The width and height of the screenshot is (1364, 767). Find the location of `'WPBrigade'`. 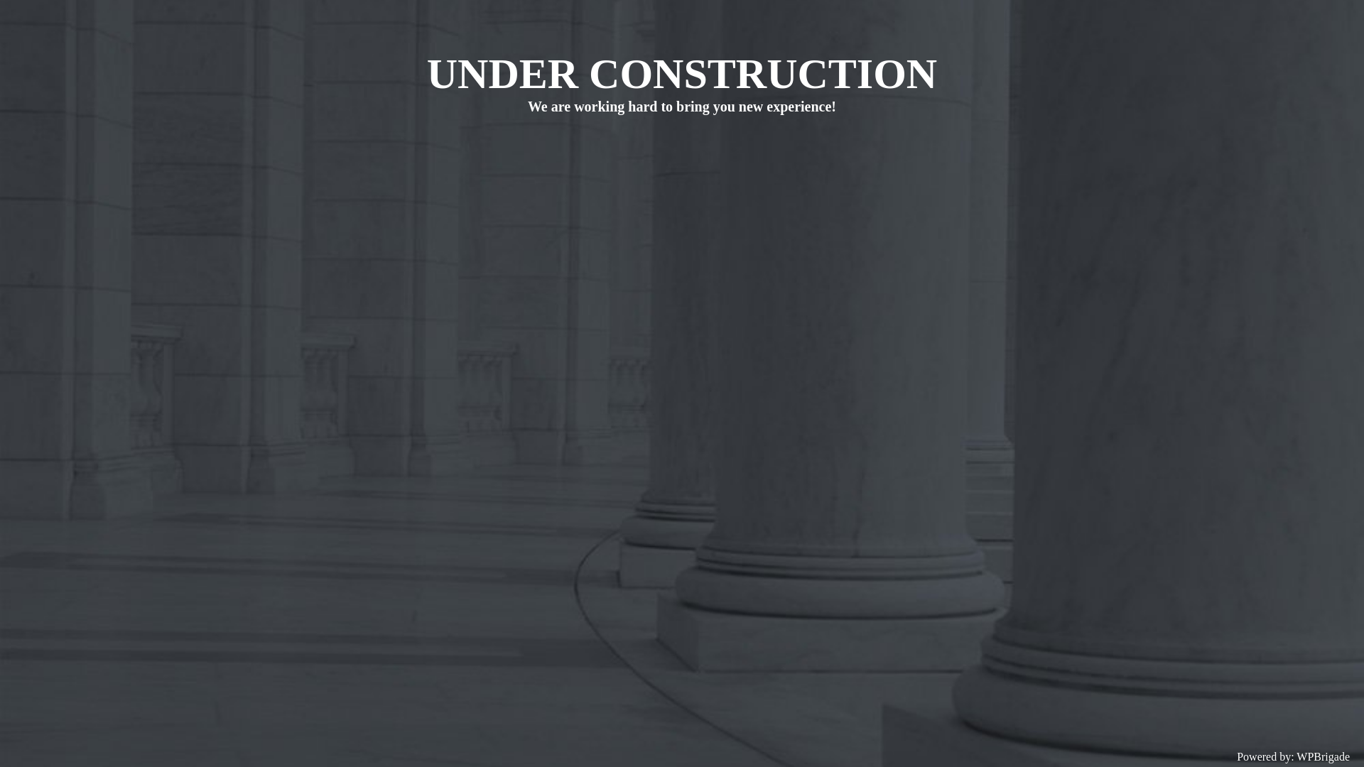

'WPBrigade' is located at coordinates (1322, 756).